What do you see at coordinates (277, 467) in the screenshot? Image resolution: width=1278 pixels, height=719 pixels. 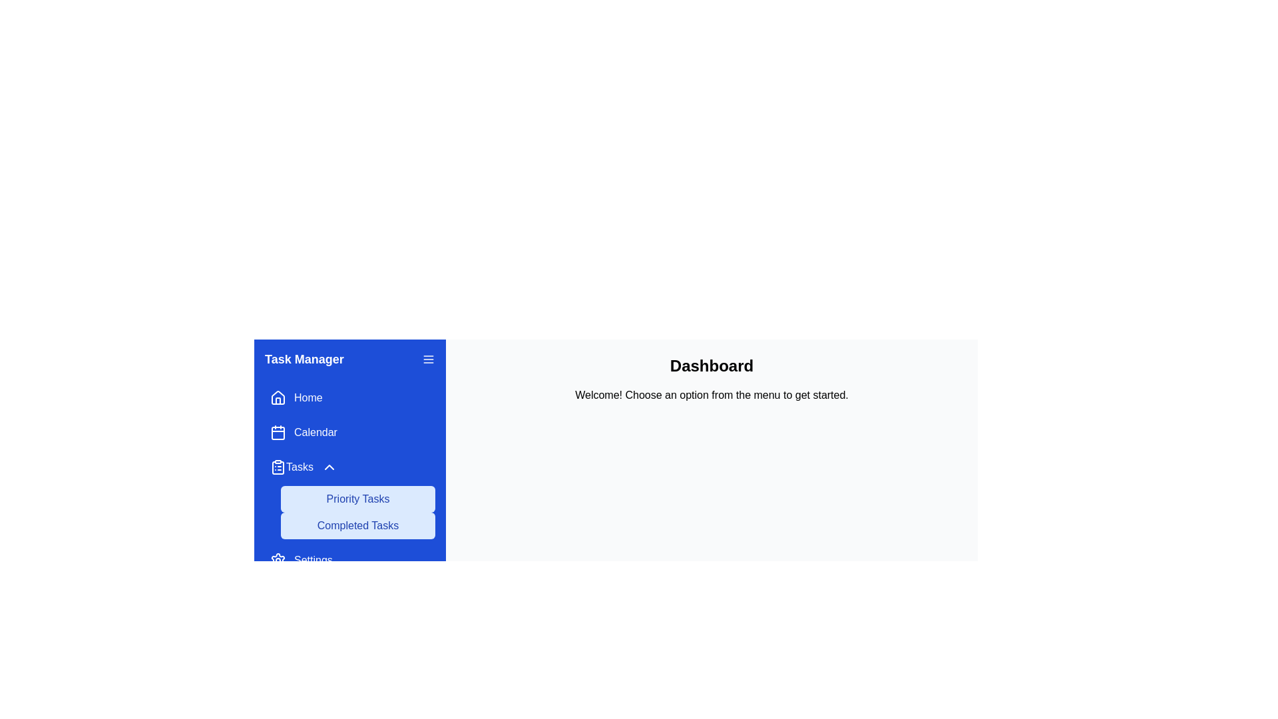 I see `the clipboard icon in the sidebar next to the 'Tasks' label to navigate` at bounding box center [277, 467].